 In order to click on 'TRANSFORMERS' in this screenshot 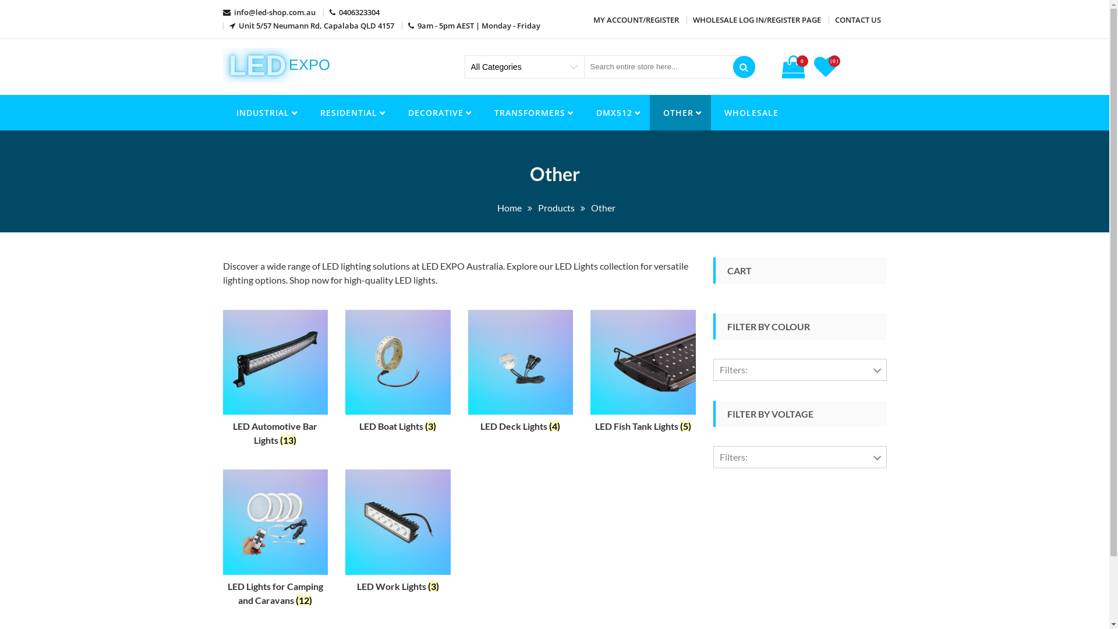, I will do `click(531, 112)`.